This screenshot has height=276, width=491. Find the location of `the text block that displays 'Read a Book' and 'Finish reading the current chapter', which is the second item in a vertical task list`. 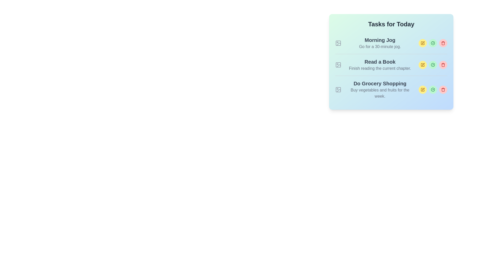

the text block that displays 'Read a Book' and 'Finish reading the current chapter', which is the second item in a vertical task list is located at coordinates (380, 65).